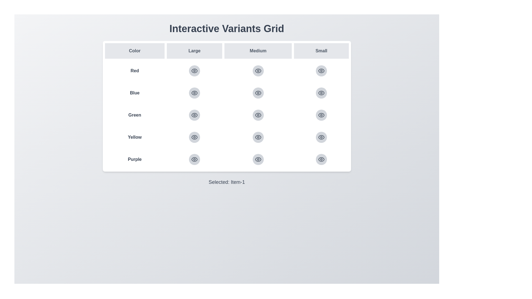  What do you see at coordinates (258, 137) in the screenshot?
I see `the eye icon button located in the fourth row labeled 'Yellow' and third column labeled 'Medium'` at bounding box center [258, 137].